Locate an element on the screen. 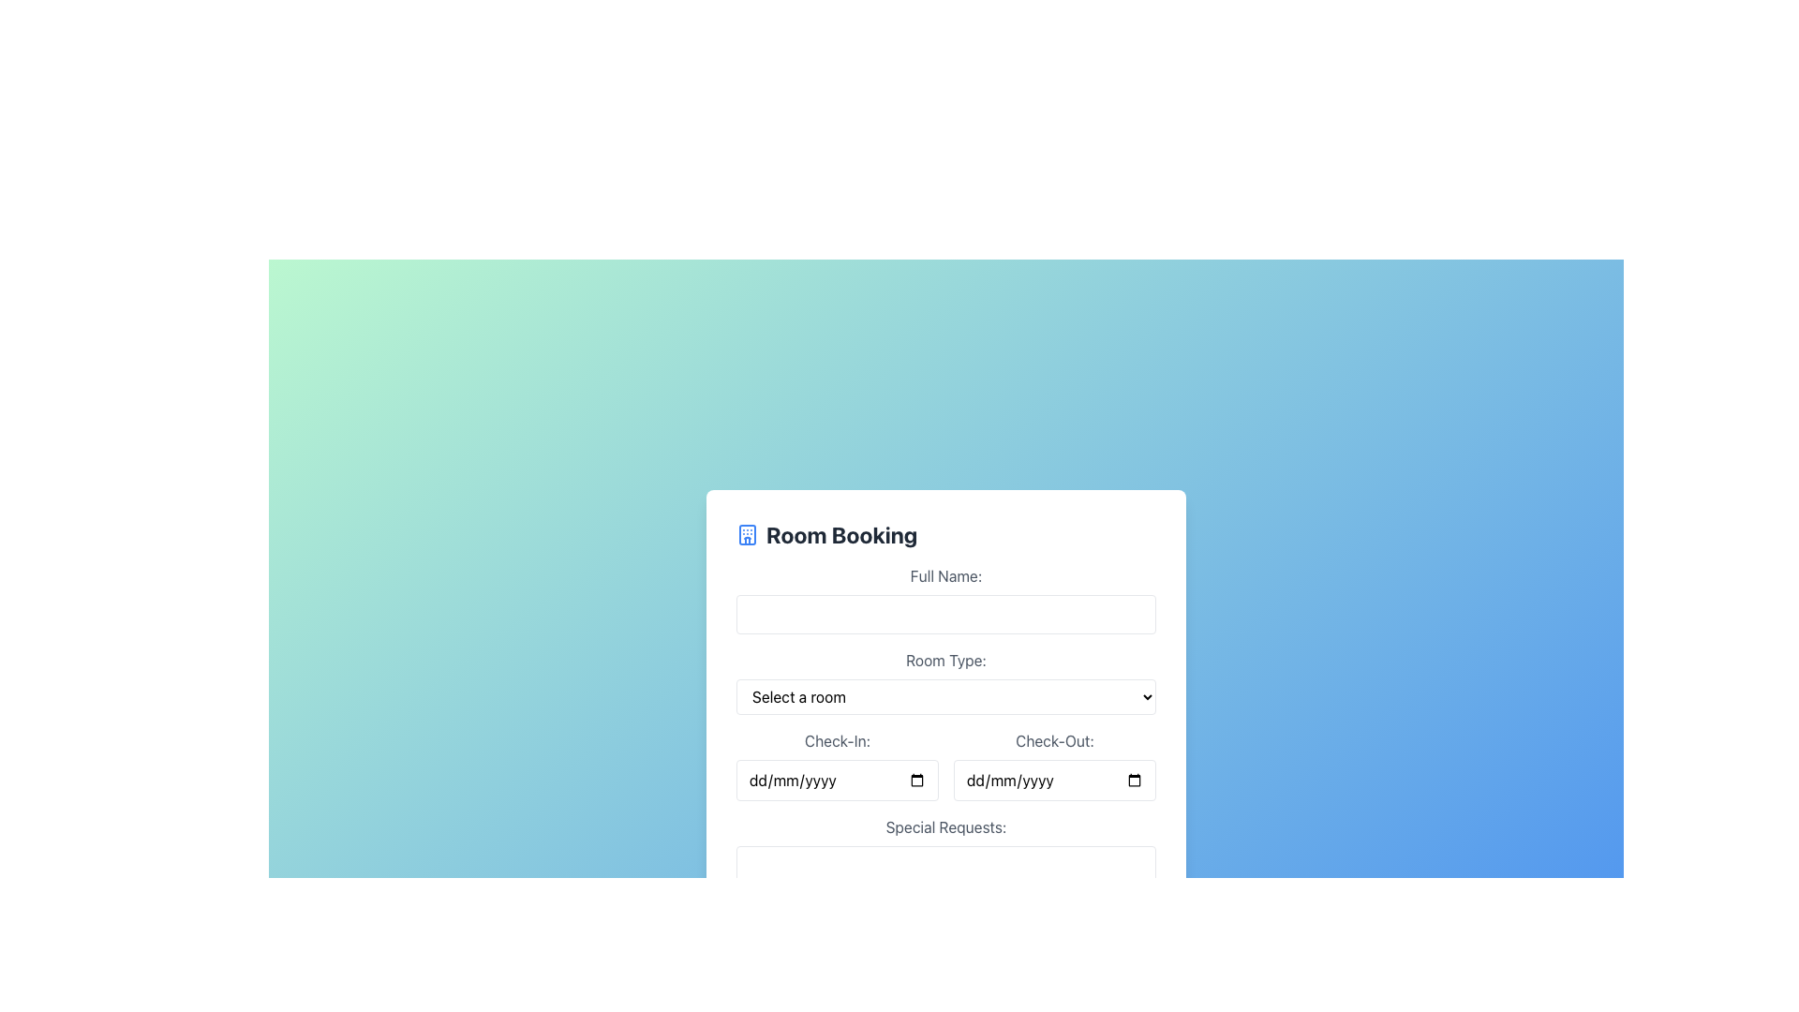 This screenshot has height=1012, width=1799. the text label that reads 'Check-Out:' styled in gray and aligned with the input field below it is located at coordinates (1055, 739).